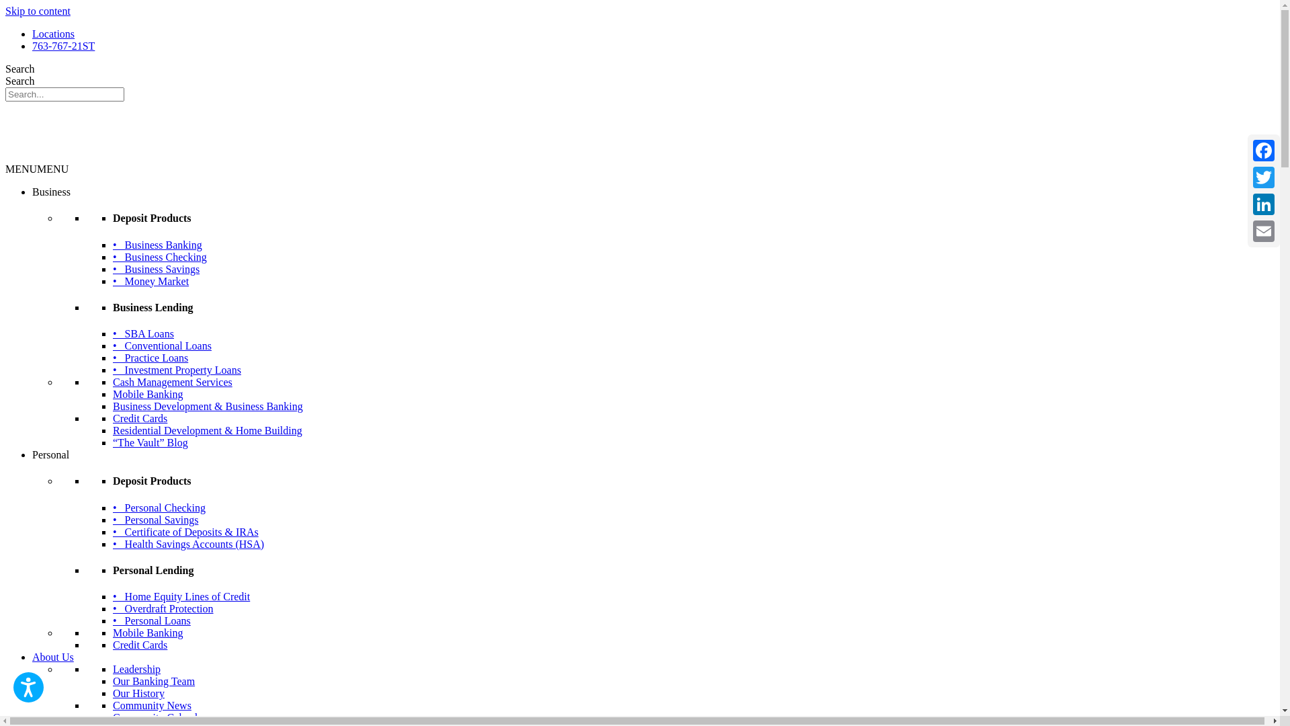 The image size is (1290, 726). What do you see at coordinates (113, 681) in the screenshot?
I see `'Our Banking Team'` at bounding box center [113, 681].